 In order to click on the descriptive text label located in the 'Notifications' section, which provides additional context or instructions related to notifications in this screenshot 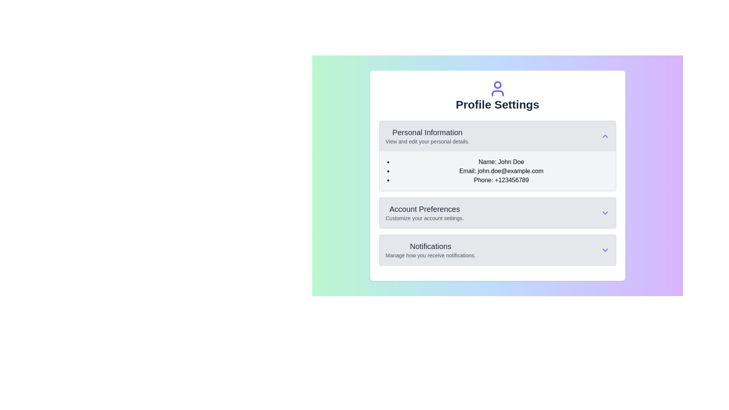, I will do `click(431, 255)`.